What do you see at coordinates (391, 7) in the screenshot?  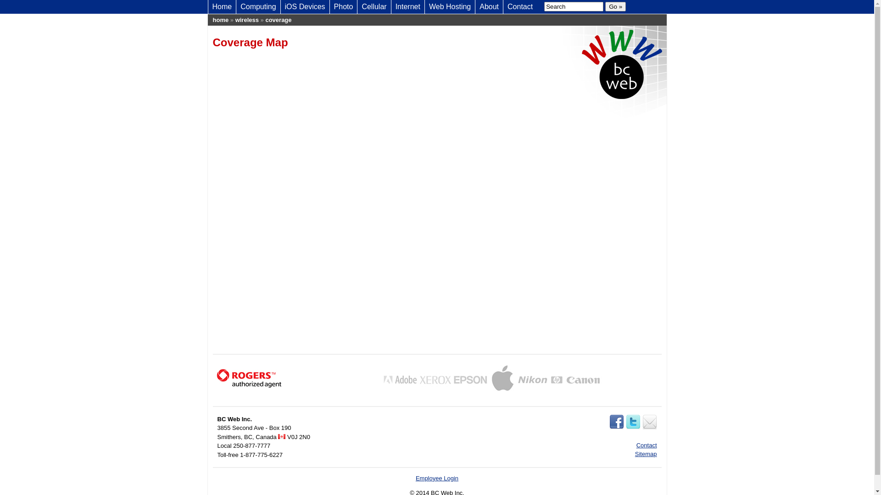 I see `'Internet'` at bounding box center [391, 7].